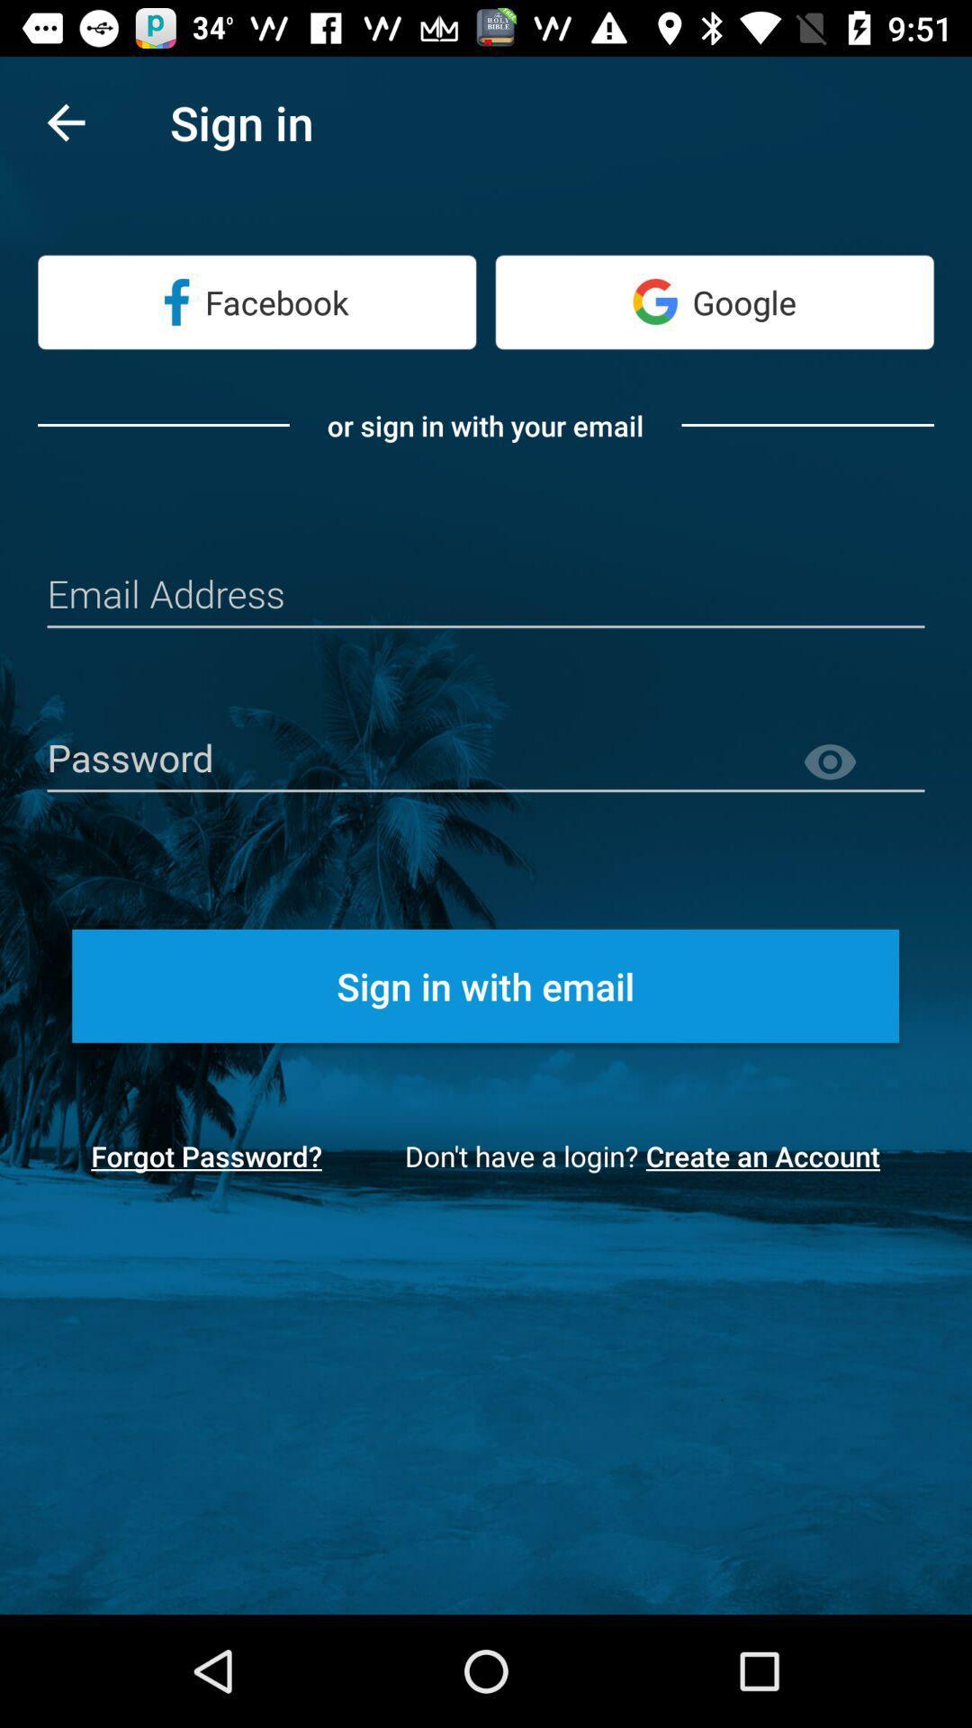 The image size is (972, 1728). Describe the element at coordinates (486, 760) in the screenshot. I see `password` at that location.